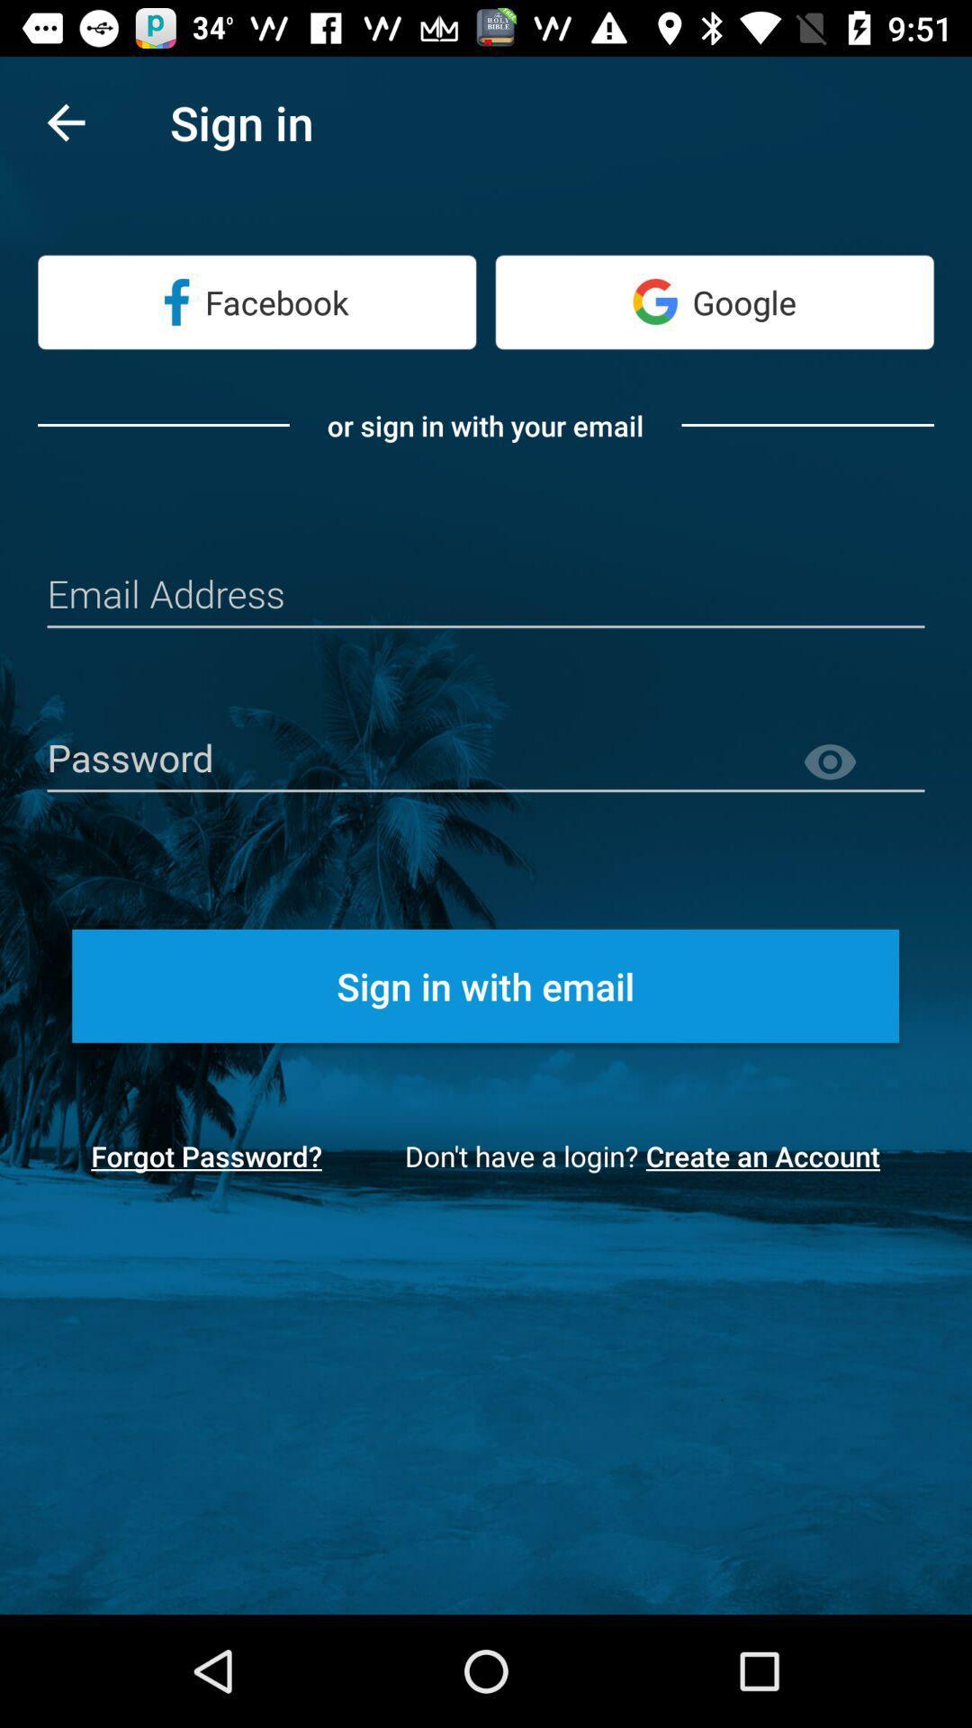 The image size is (972, 1728). Describe the element at coordinates (486, 760) in the screenshot. I see `password` at that location.